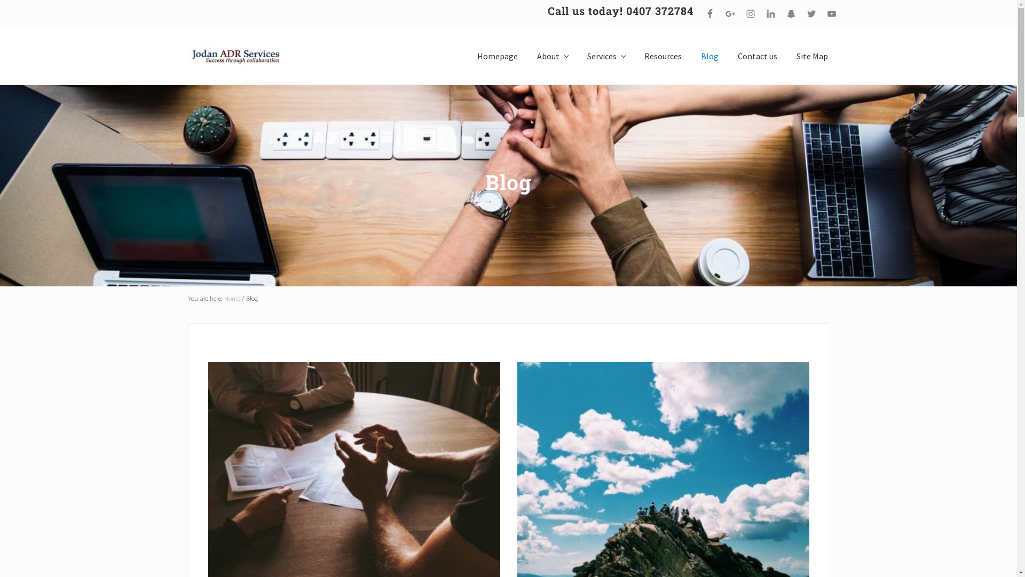 Image resolution: width=1025 pixels, height=577 pixels. I want to click on 'Contact us', so click(757, 56).